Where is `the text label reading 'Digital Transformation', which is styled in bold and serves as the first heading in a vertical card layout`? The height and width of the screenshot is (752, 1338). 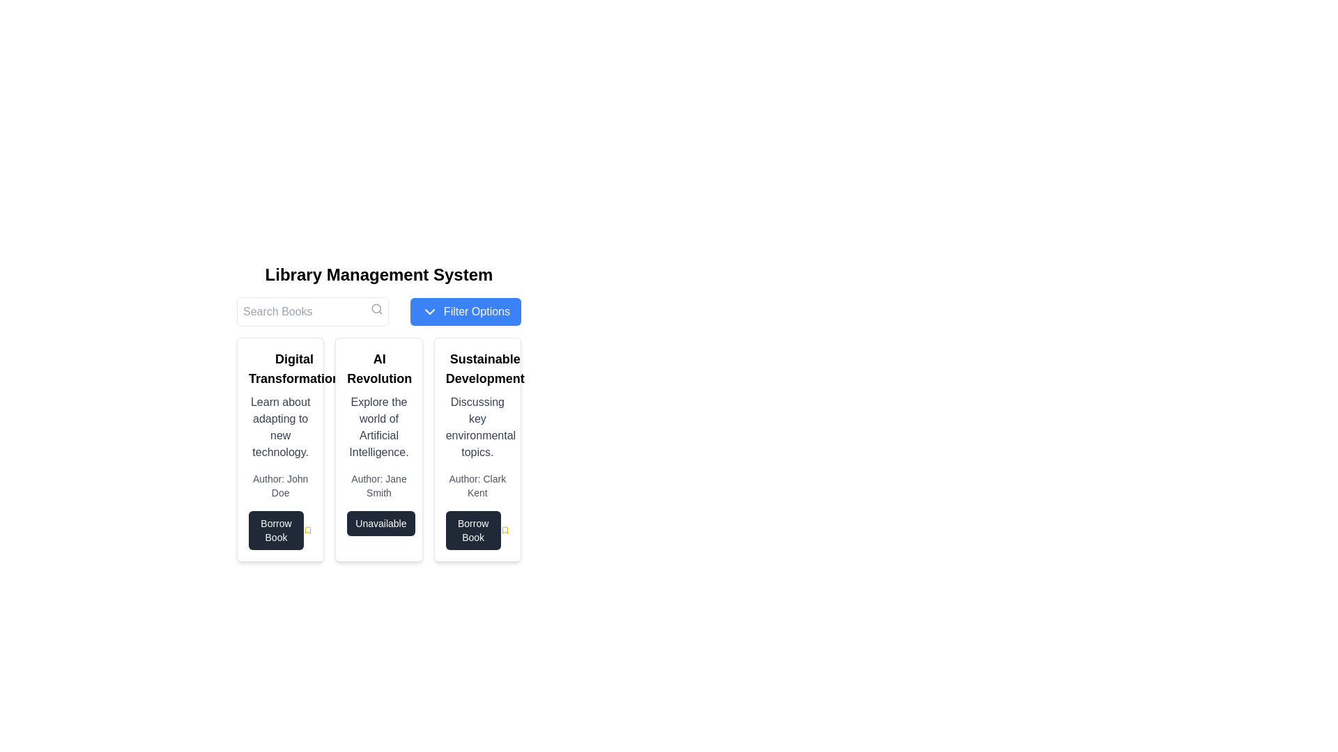 the text label reading 'Digital Transformation', which is styled in bold and serves as the first heading in a vertical card layout is located at coordinates (293, 368).